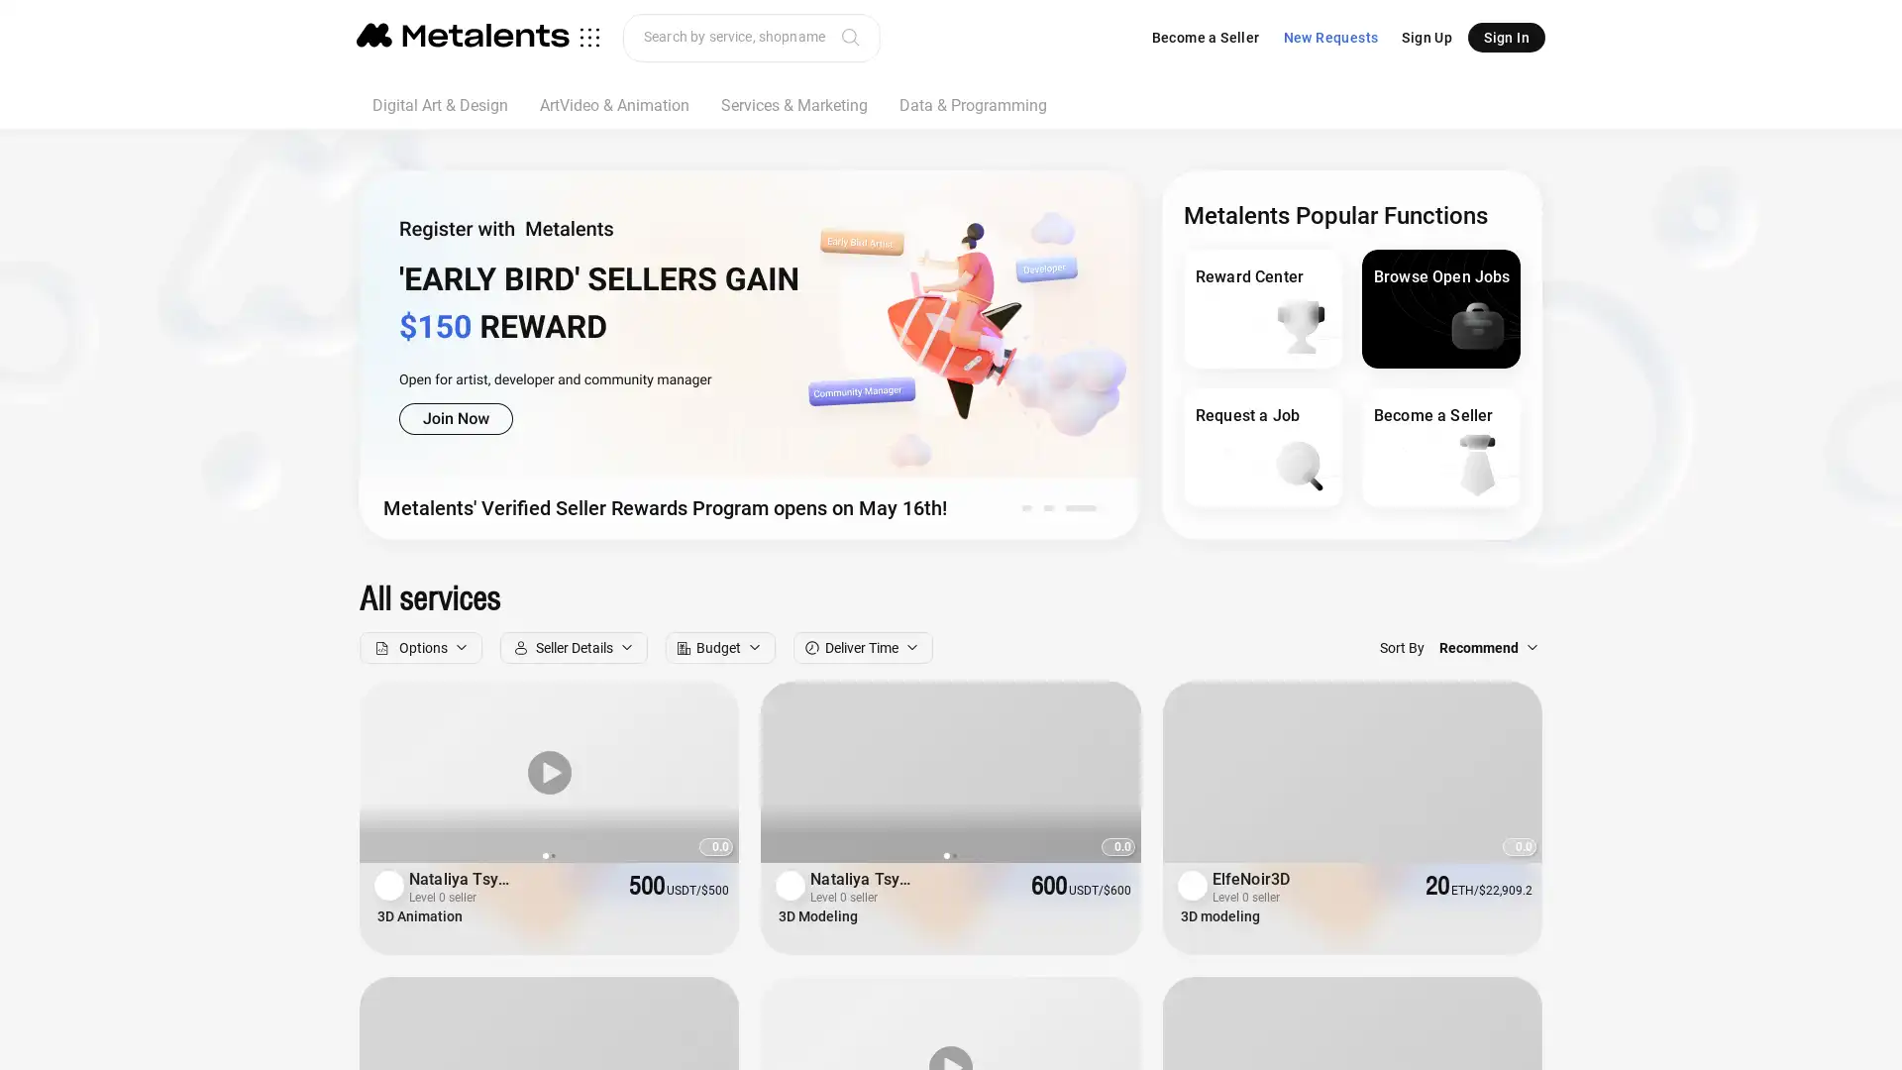 The height and width of the screenshot is (1070, 1902). I want to click on Become a Seller, so click(1204, 38).